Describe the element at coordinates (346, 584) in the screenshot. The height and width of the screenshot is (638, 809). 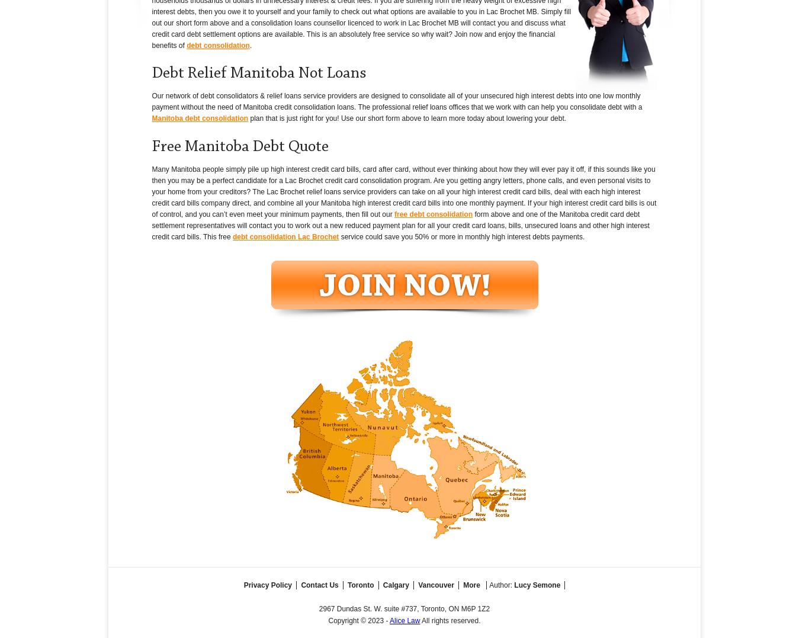
I see `'Toronto'` at that location.